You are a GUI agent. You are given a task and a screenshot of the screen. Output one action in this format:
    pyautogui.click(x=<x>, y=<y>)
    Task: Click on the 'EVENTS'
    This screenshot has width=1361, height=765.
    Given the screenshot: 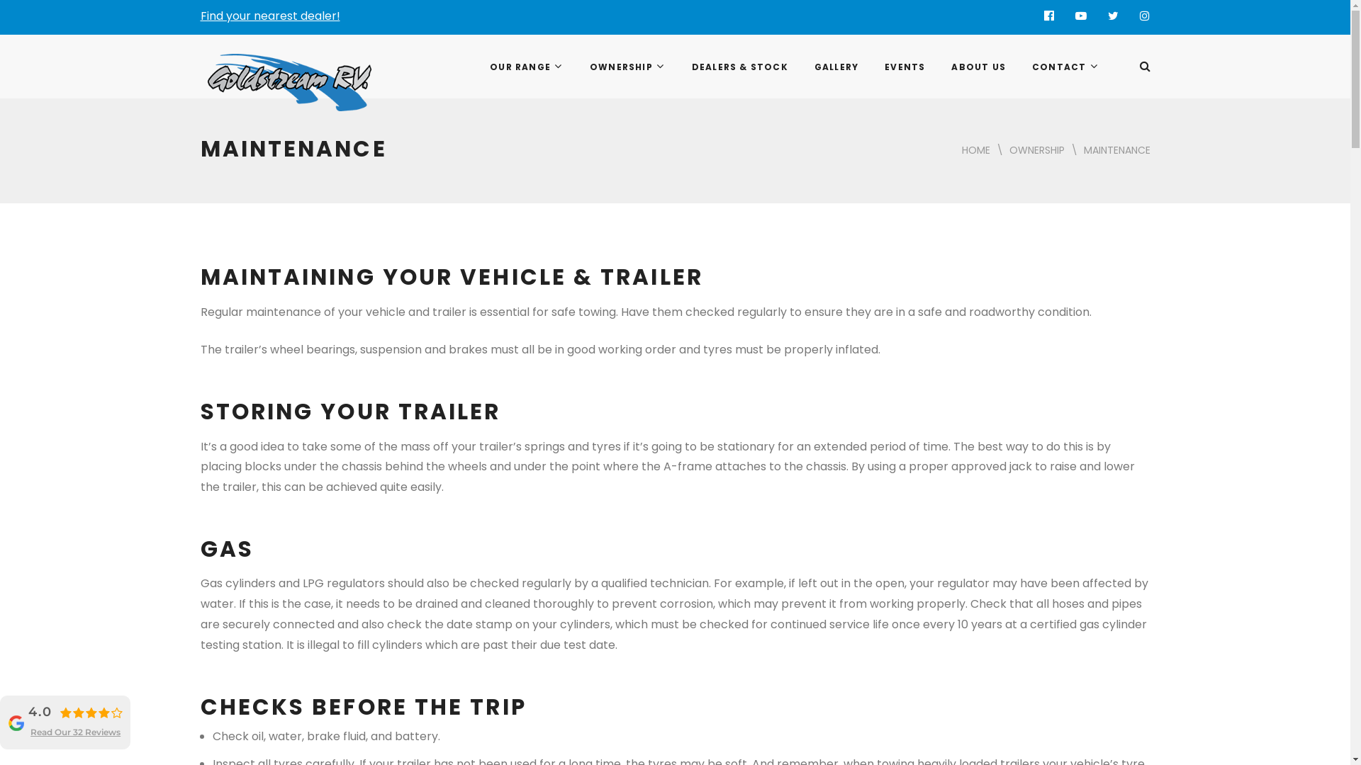 What is the action you would take?
    pyautogui.click(x=903, y=67)
    